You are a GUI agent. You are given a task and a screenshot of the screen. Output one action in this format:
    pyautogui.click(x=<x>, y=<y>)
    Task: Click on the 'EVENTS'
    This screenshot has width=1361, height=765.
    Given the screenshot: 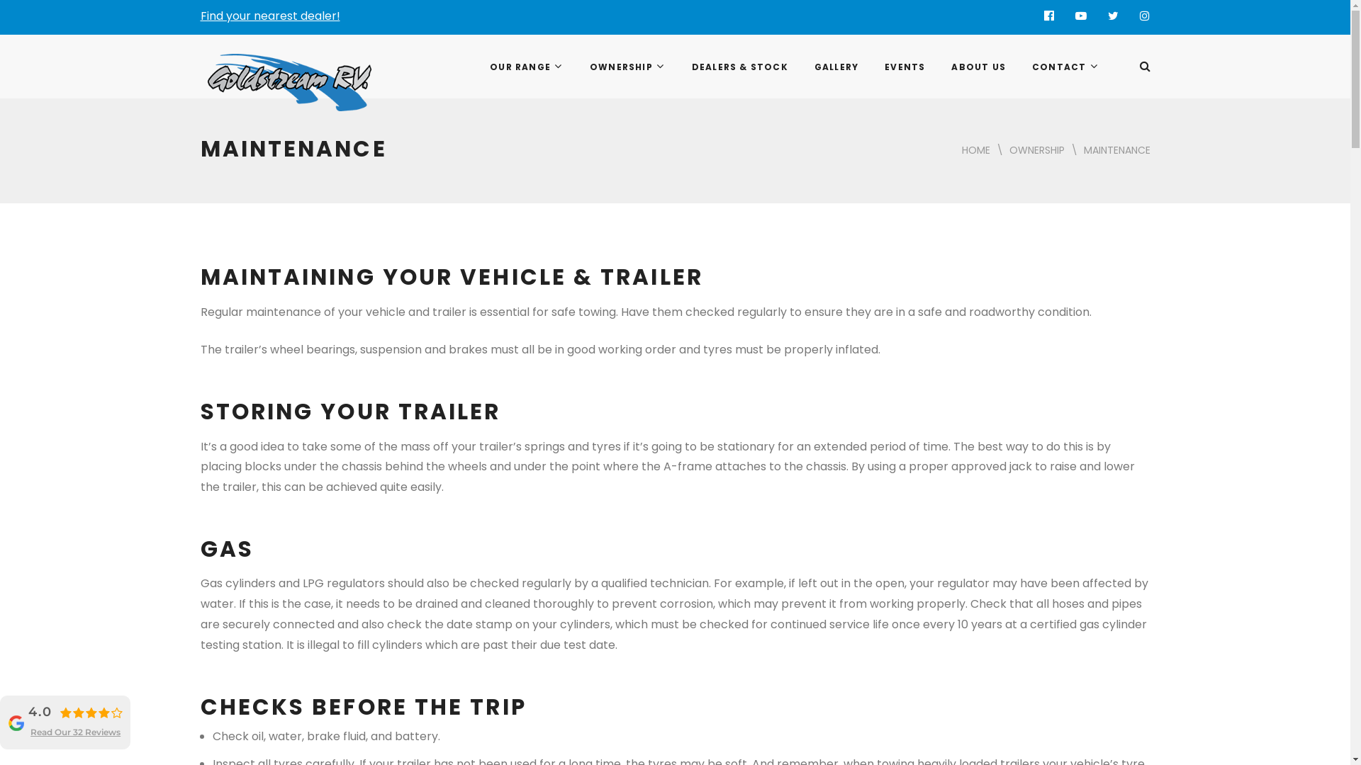 What is the action you would take?
    pyautogui.click(x=903, y=67)
    